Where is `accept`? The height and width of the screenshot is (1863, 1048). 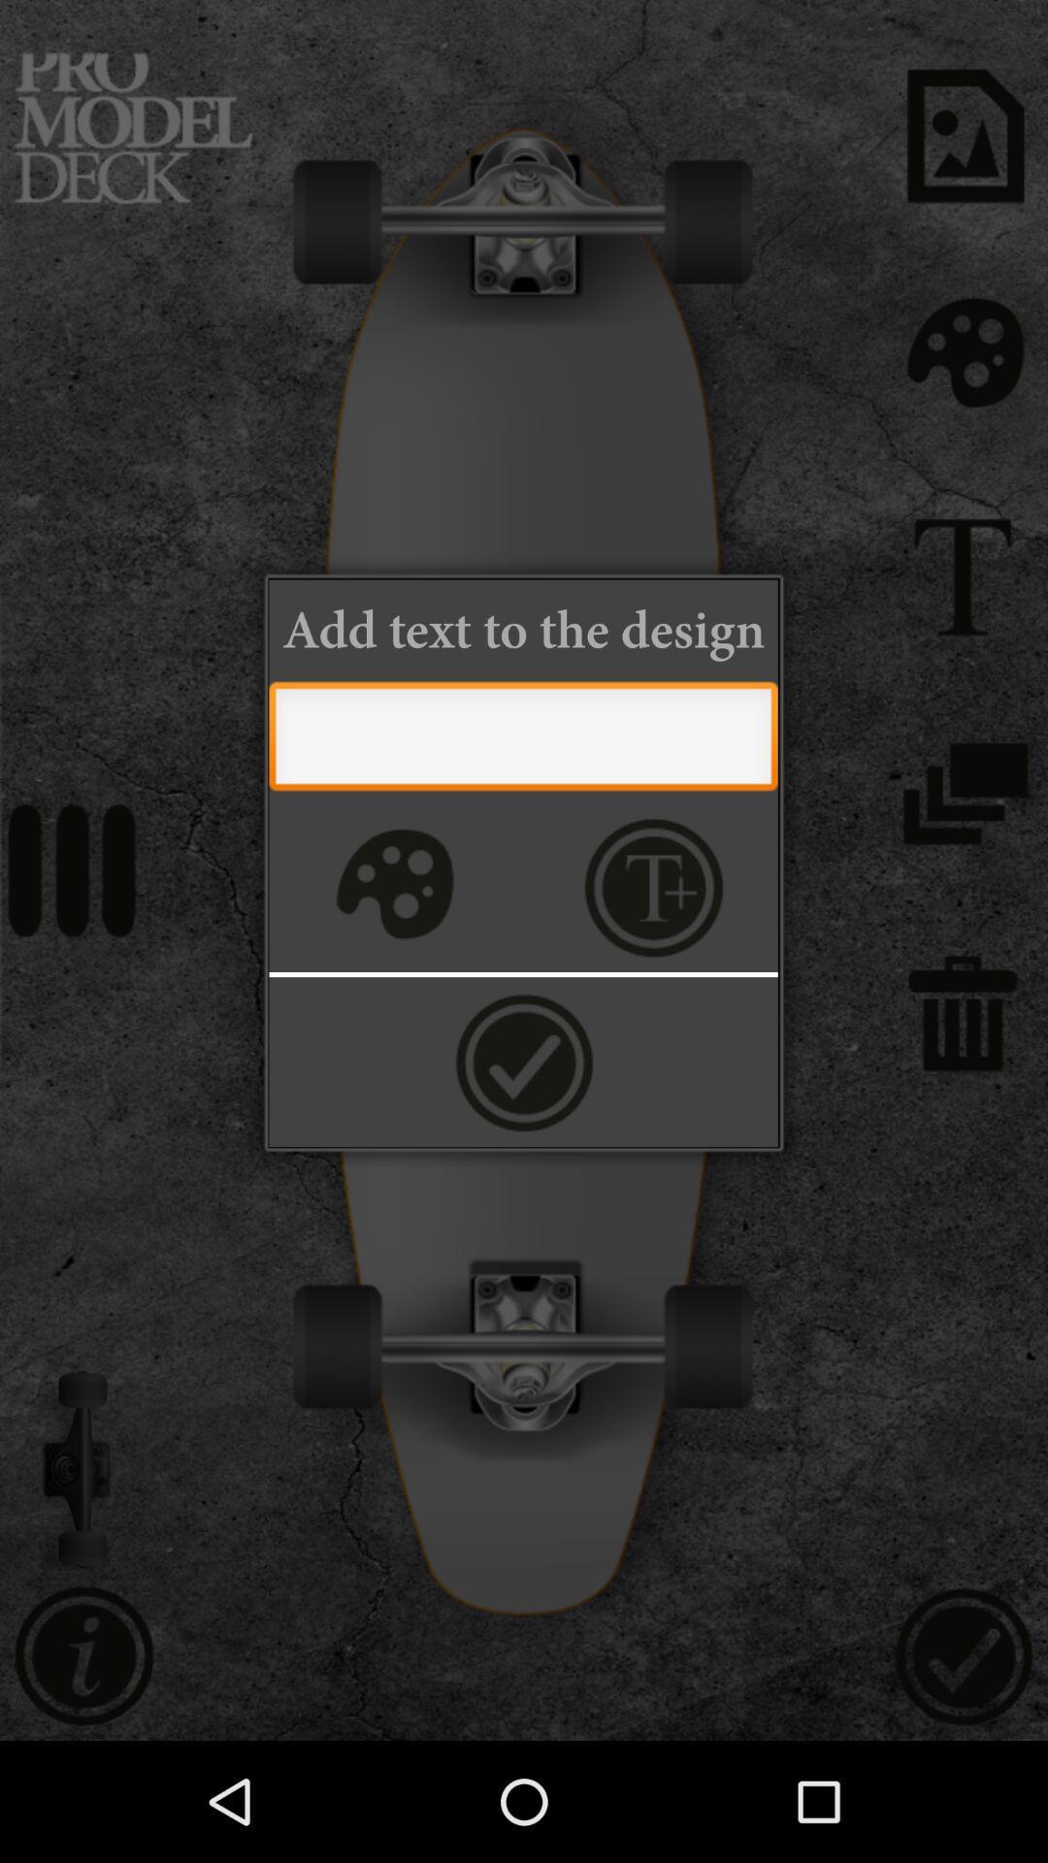 accept is located at coordinates (522, 1061).